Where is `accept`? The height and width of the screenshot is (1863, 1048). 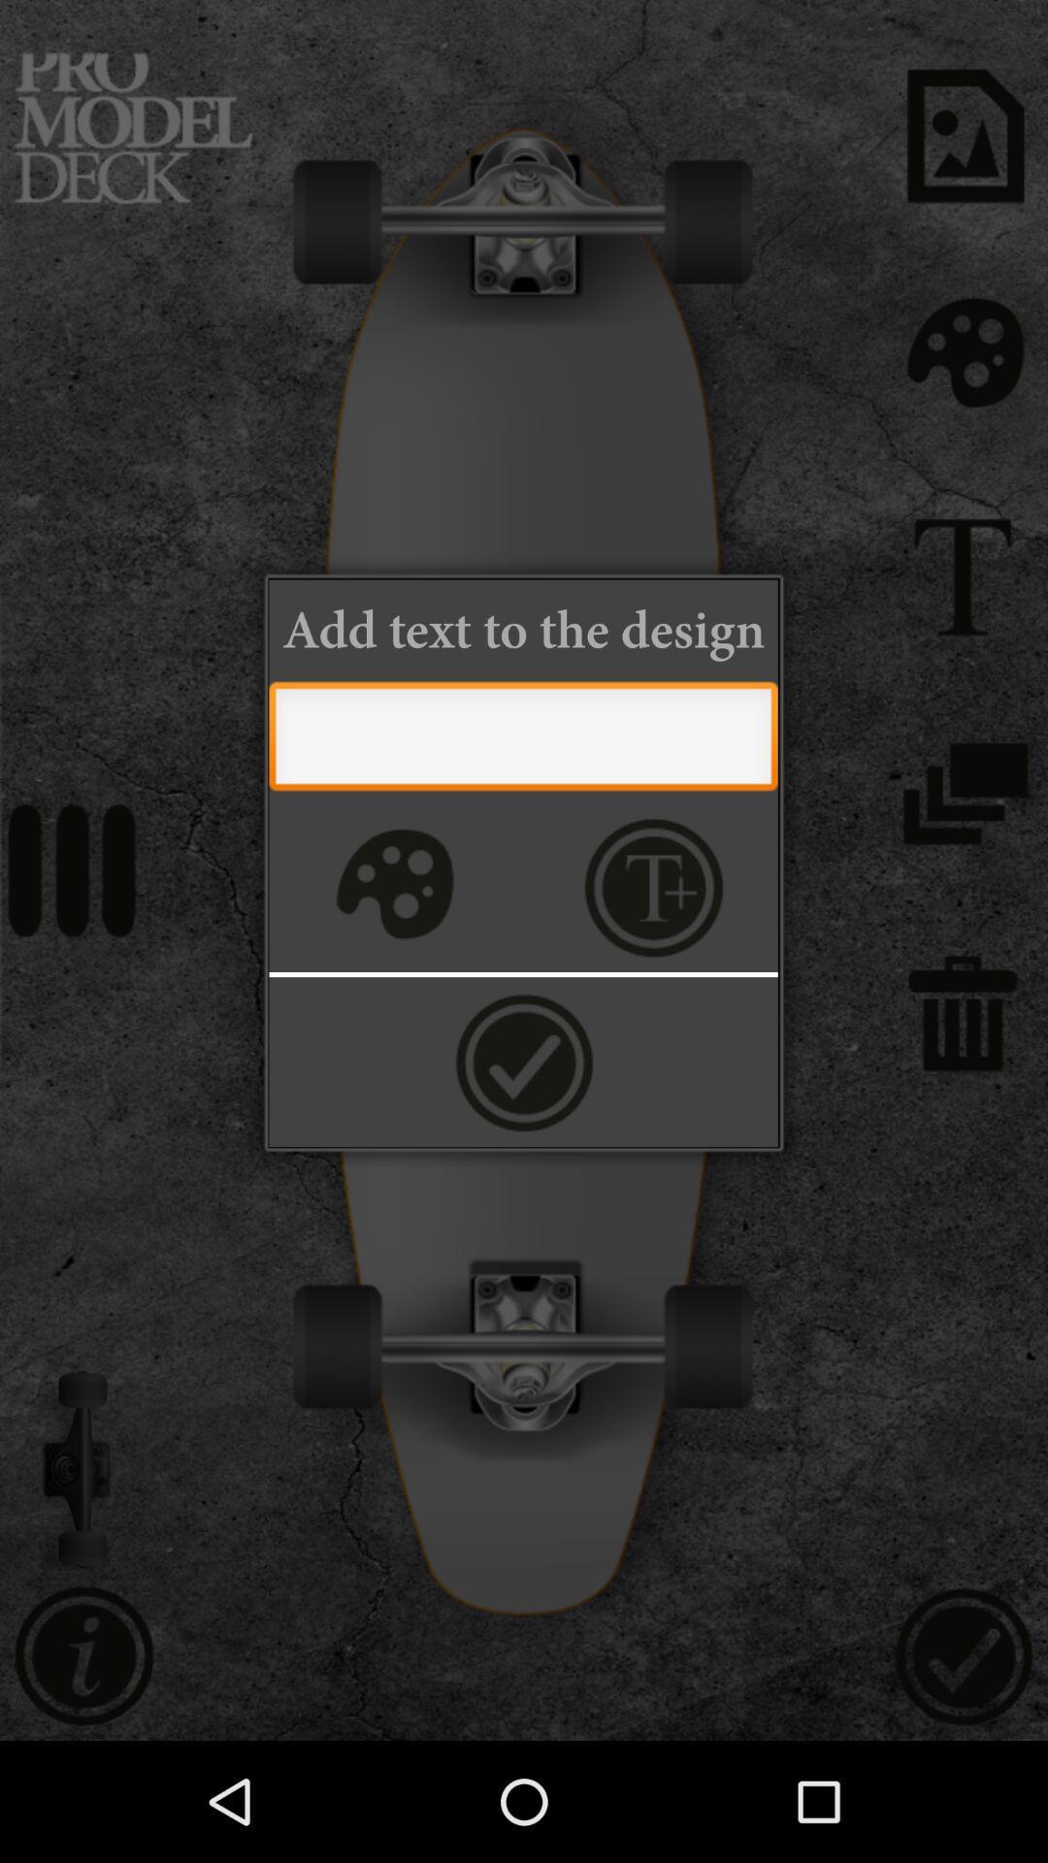 accept is located at coordinates (522, 1061).